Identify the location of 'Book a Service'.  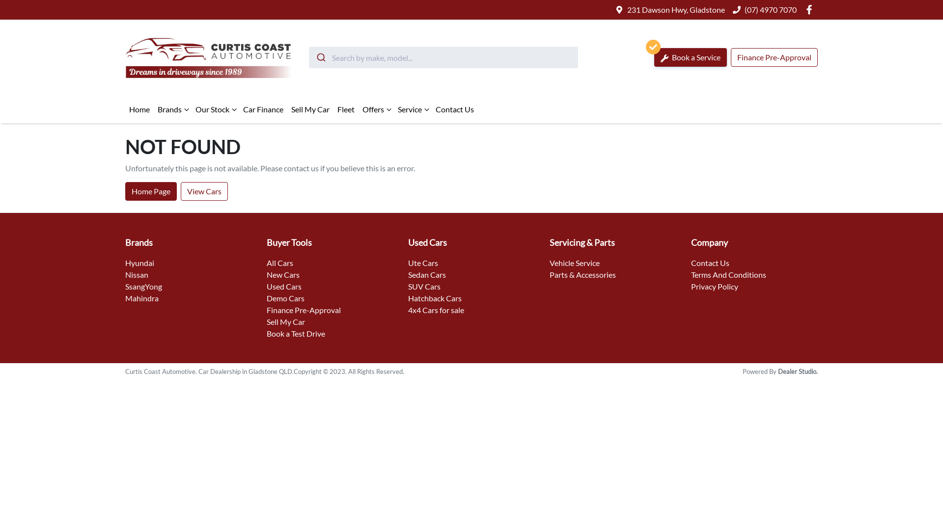
(690, 57).